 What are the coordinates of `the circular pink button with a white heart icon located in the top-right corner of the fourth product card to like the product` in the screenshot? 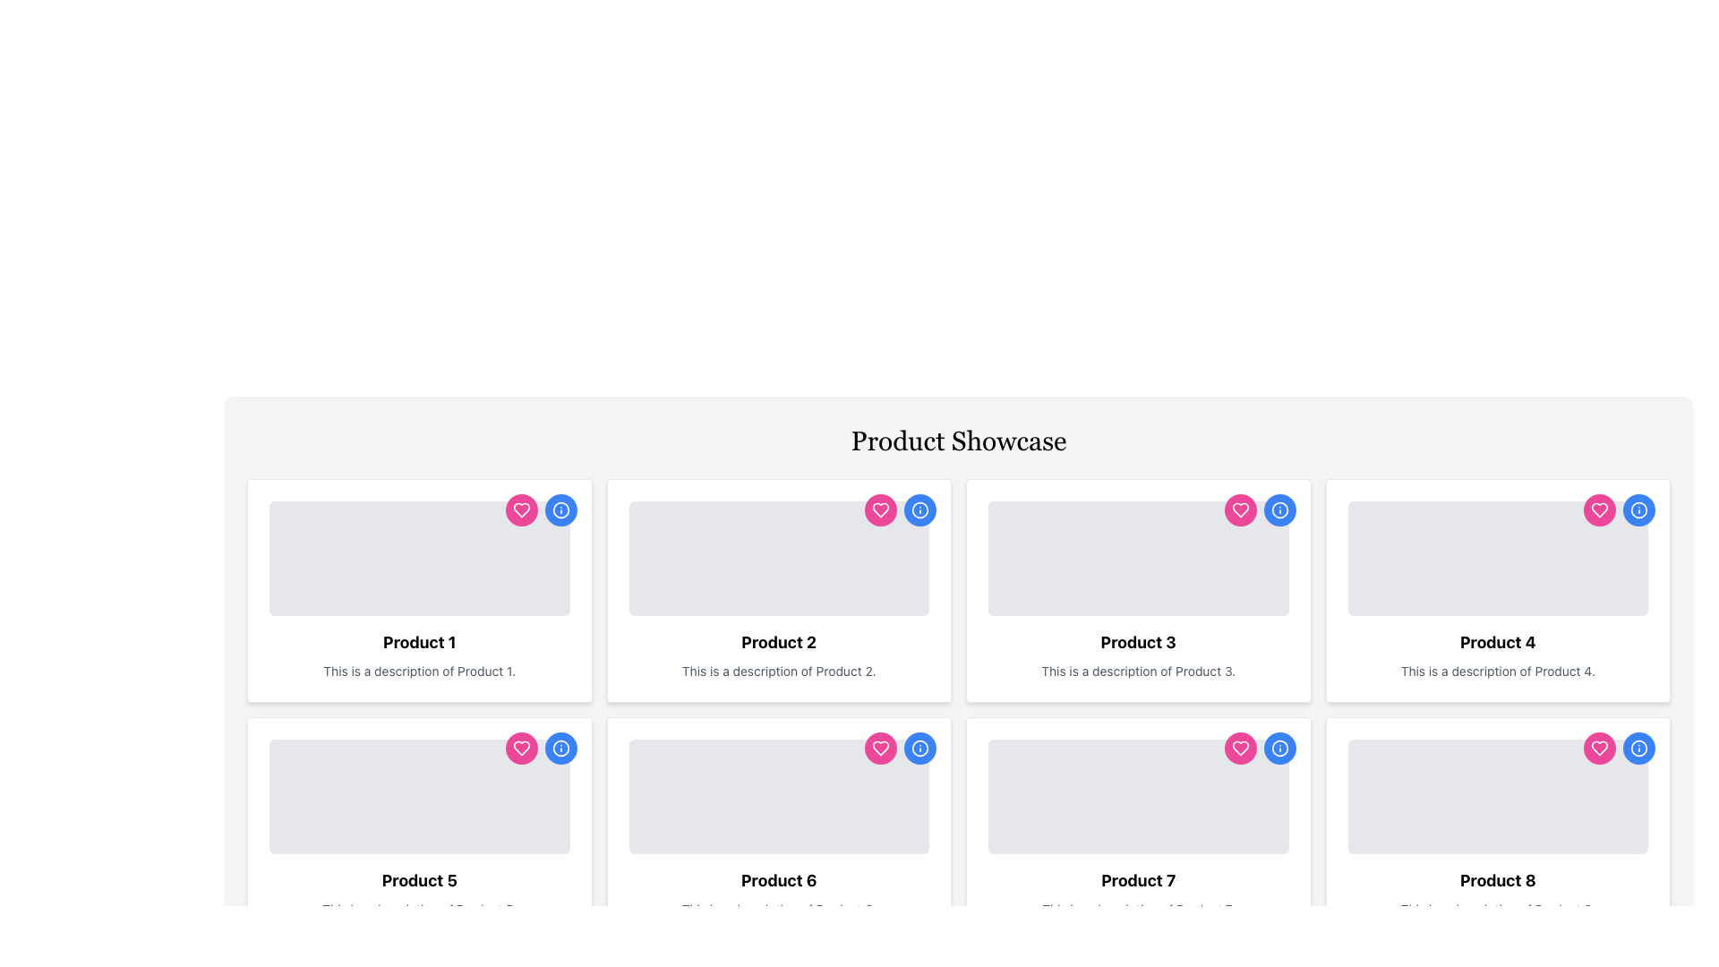 It's located at (1599, 510).